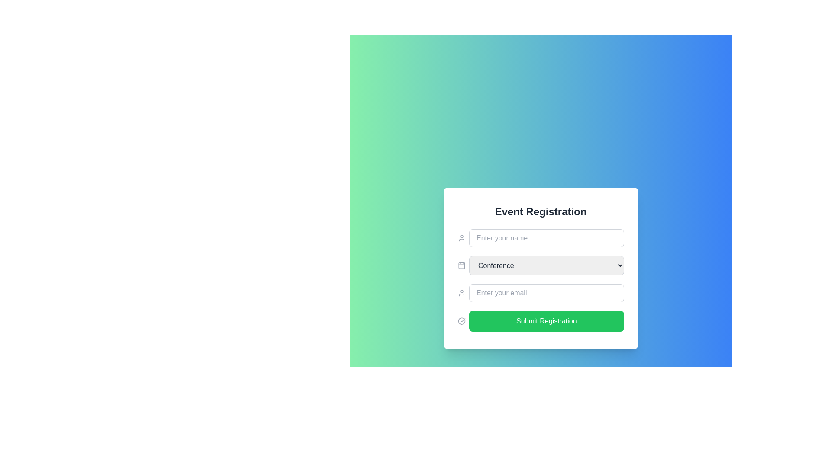 This screenshot has height=467, width=831. Describe the element at coordinates (540, 321) in the screenshot. I see `the prominently styled green button labeled 'Submit Registration'` at that location.